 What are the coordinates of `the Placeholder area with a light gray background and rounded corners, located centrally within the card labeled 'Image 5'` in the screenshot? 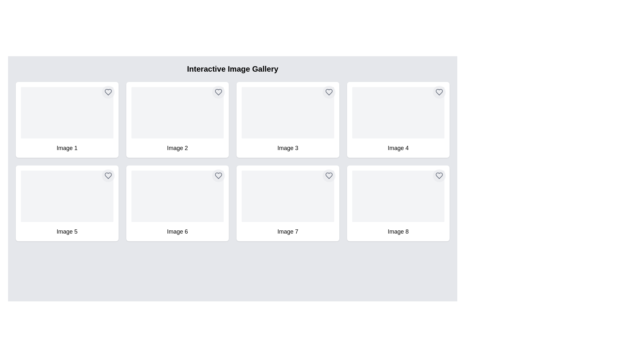 It's located at (67, 196).